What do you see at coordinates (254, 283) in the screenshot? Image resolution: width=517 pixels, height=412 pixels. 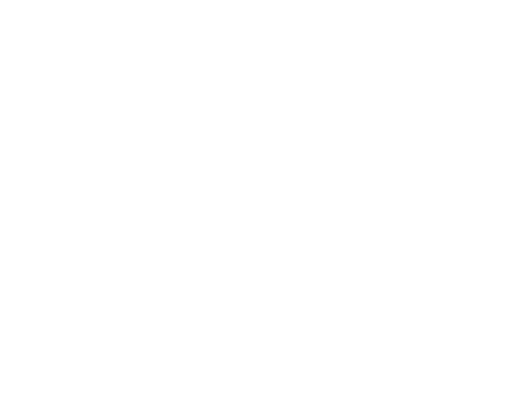 I see `'YCD Multimedia and Telecine RAMP Up digital signage for financial institutions'` at bounding box center [254, 283].